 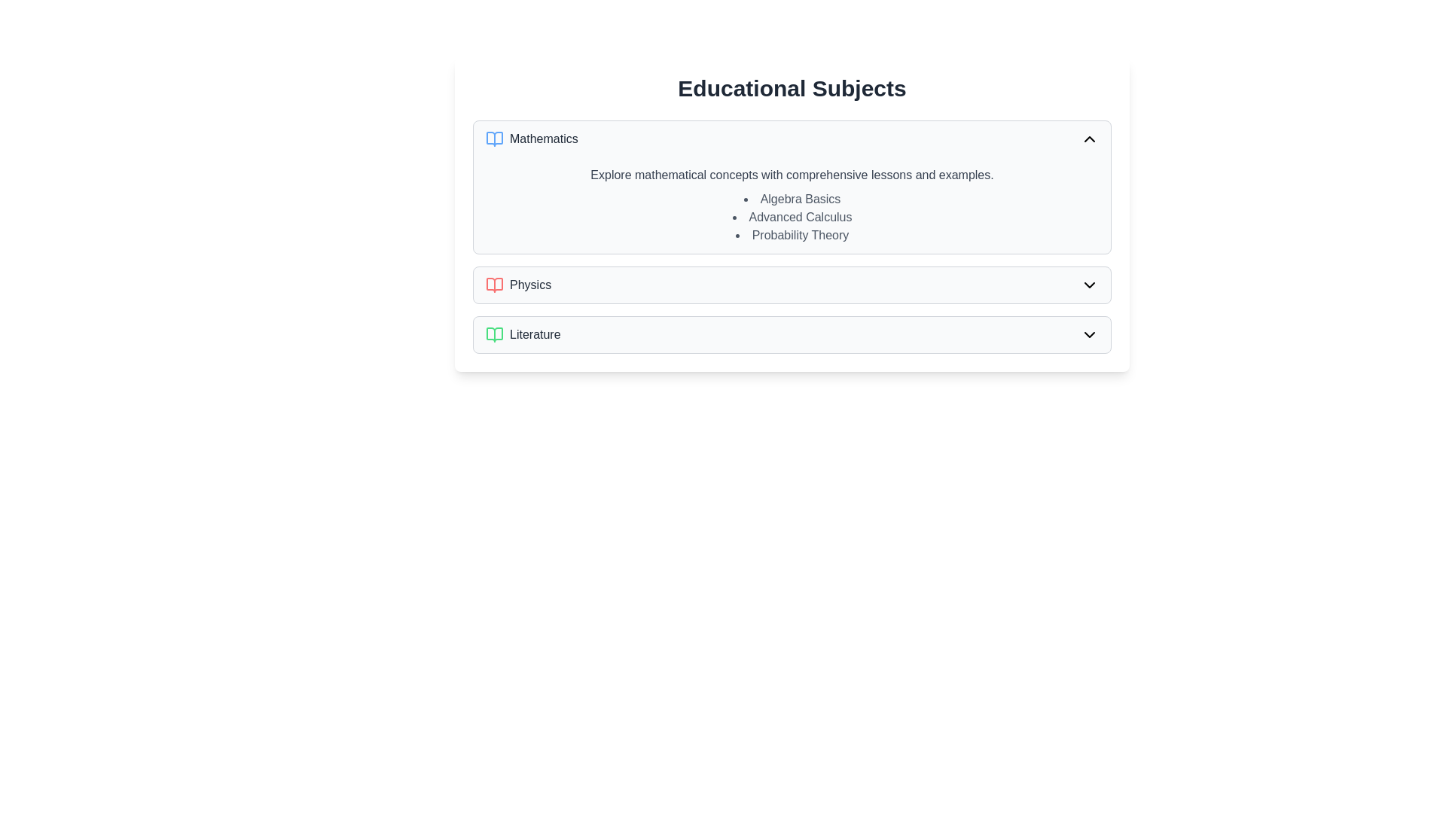 I want to click on the 'Literature' text label with the green open book icon, so click(x=523, y=333).